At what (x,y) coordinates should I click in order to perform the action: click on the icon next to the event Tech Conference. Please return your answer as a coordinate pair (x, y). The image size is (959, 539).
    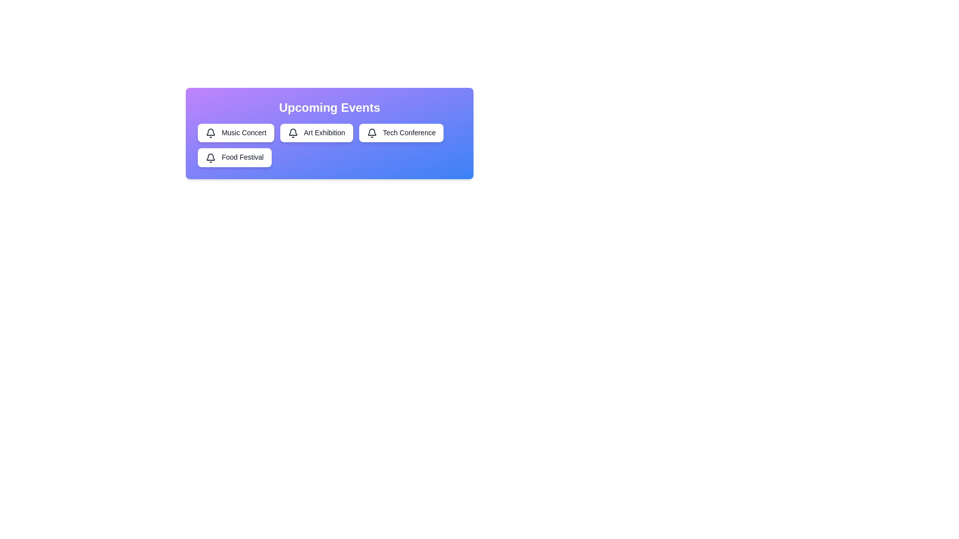
    Looking at the image, I should click on (371, 132).